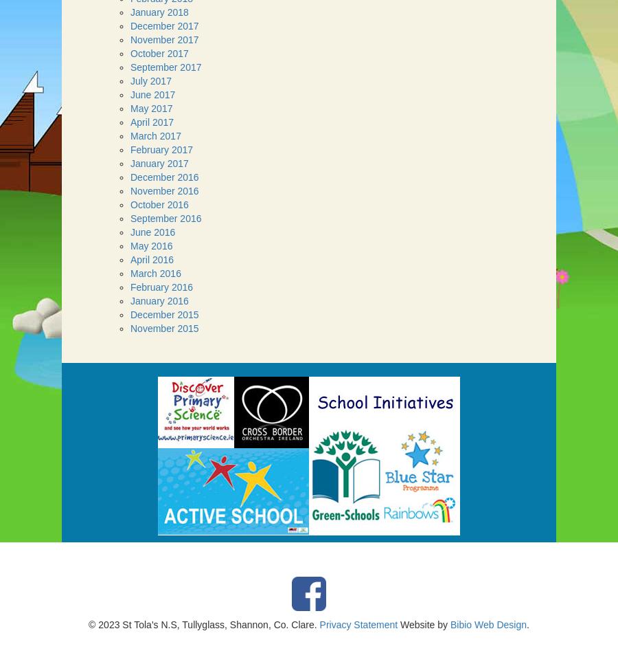 The image size is (618, 664). I want to click on 'February 2016', so click(161, 286).